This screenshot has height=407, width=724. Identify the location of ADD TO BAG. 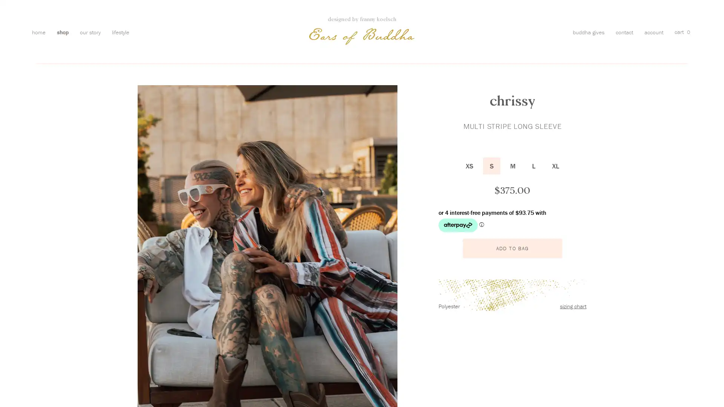
(512, 250).